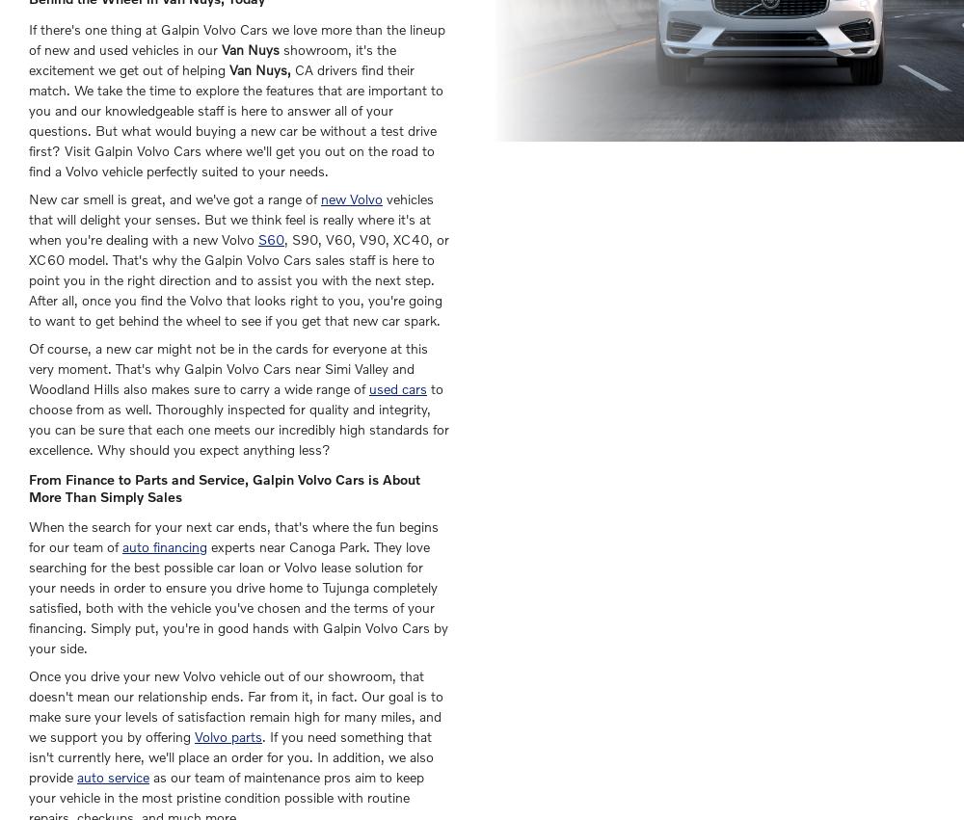 This screenshot has width=964, height=820. What do you see at coordinates (122, 545) in the screenshot?
I see `'auto financing'` at bounding box center [122, 545].